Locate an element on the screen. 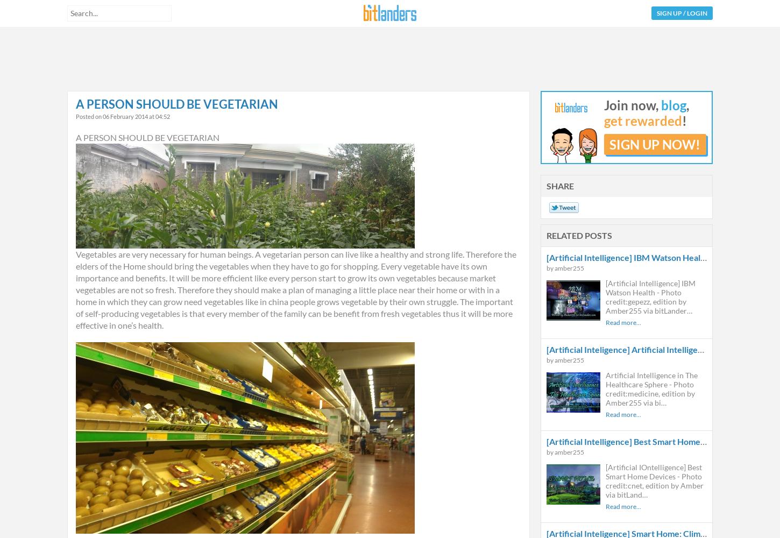  '06 February 2014' is located at coordinates (125, 116).